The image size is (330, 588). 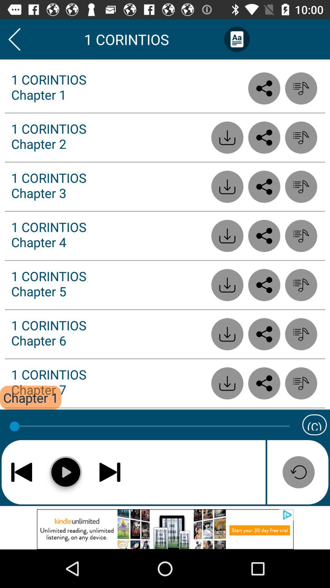 What do you see at coordinates (227, 334) in the screenshot?
I see `download option` at bounding box center [227, 334].